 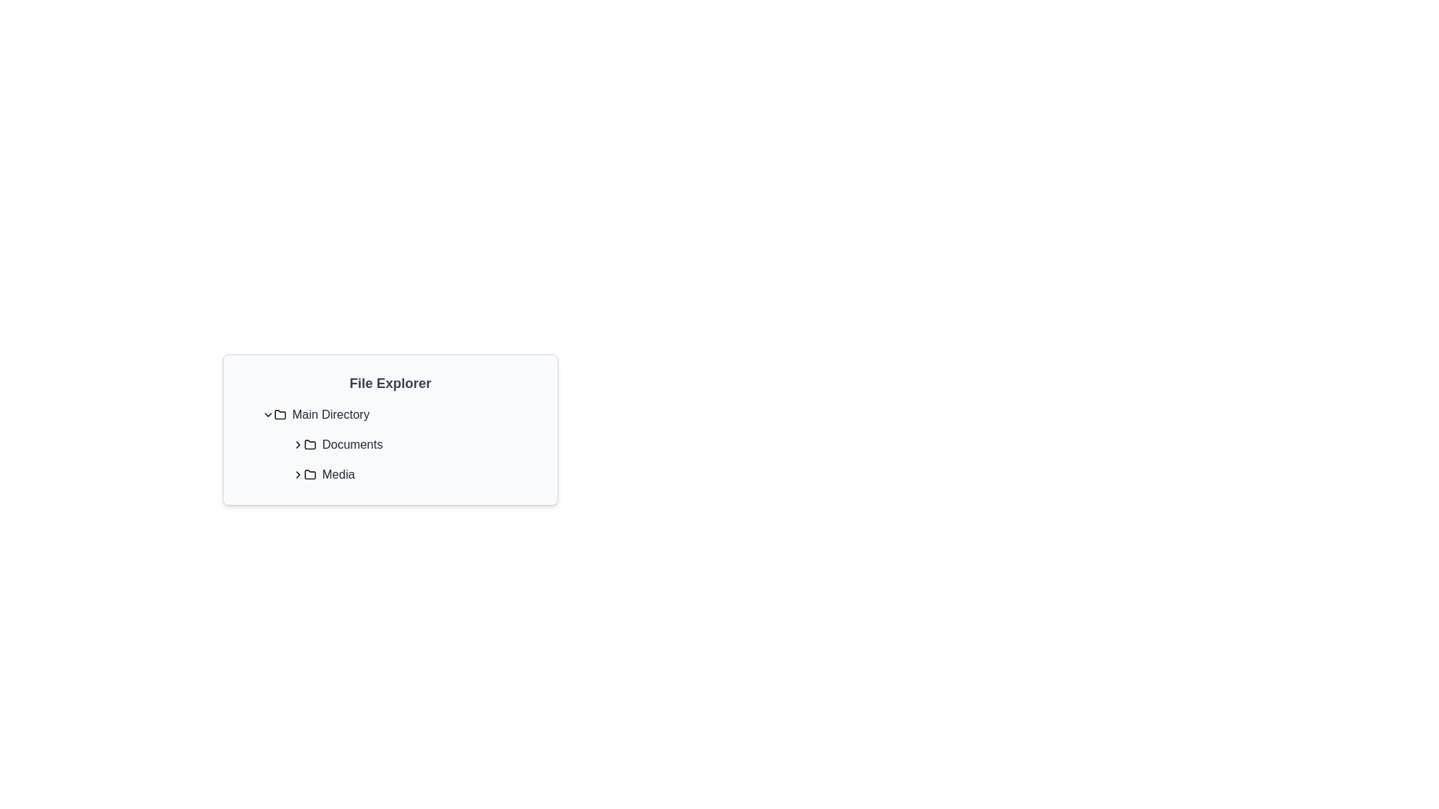 What do you see at coordinates (309, 474) in the screenshot?
I see `the folder icon with a gray outline that is positioned to the left of the 'Media' text label in the file explorer interface` at bounding box center [309, 474].